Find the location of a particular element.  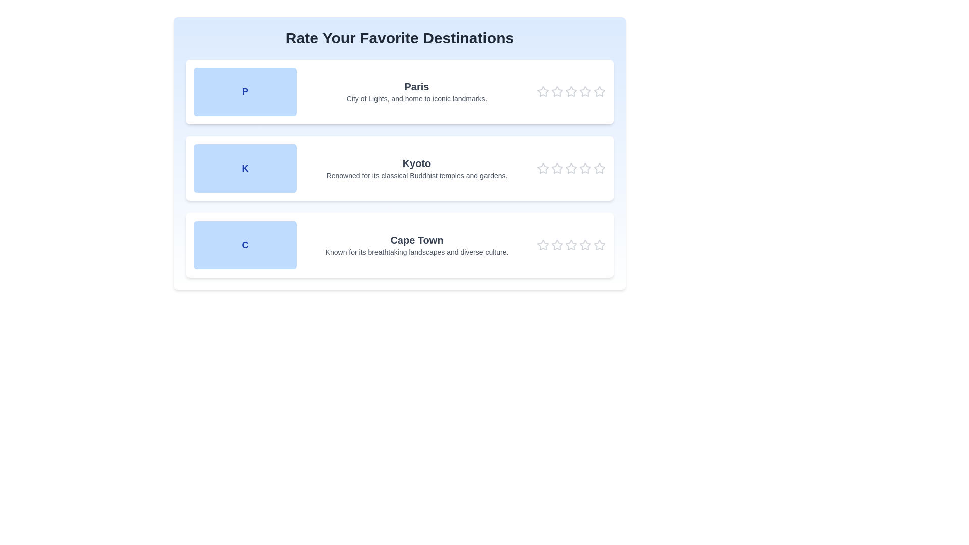

the second star icon in the rating interface for the destination card titled 'Paris' to rate it is located at coordinates (557, 91).